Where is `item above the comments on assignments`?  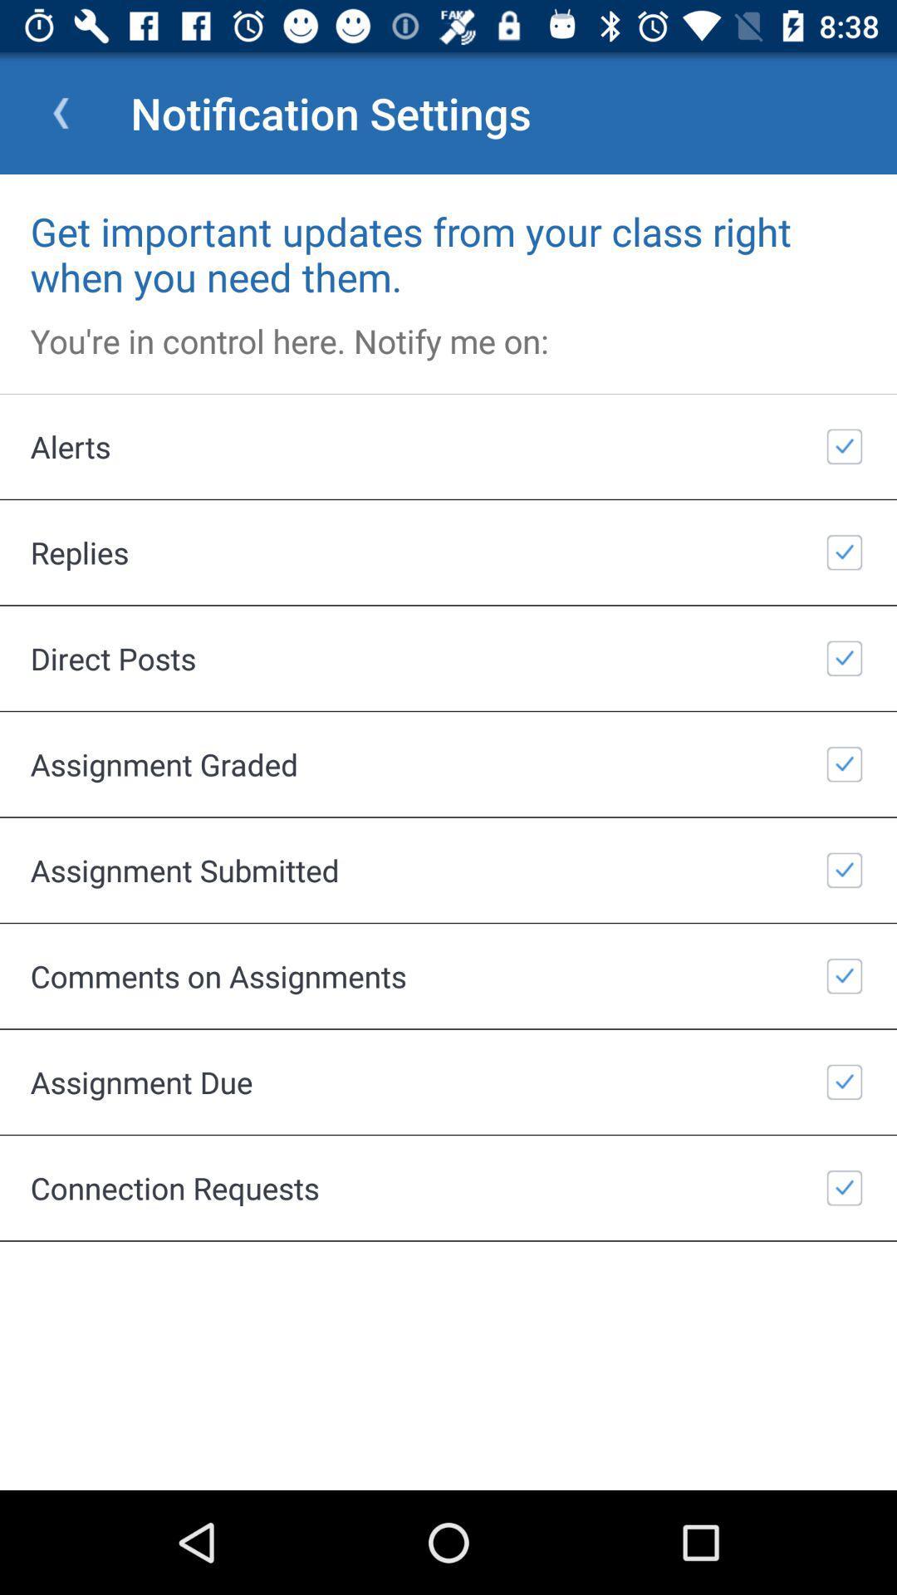
item above the comments on assignments is located at coordinates (448, 869).